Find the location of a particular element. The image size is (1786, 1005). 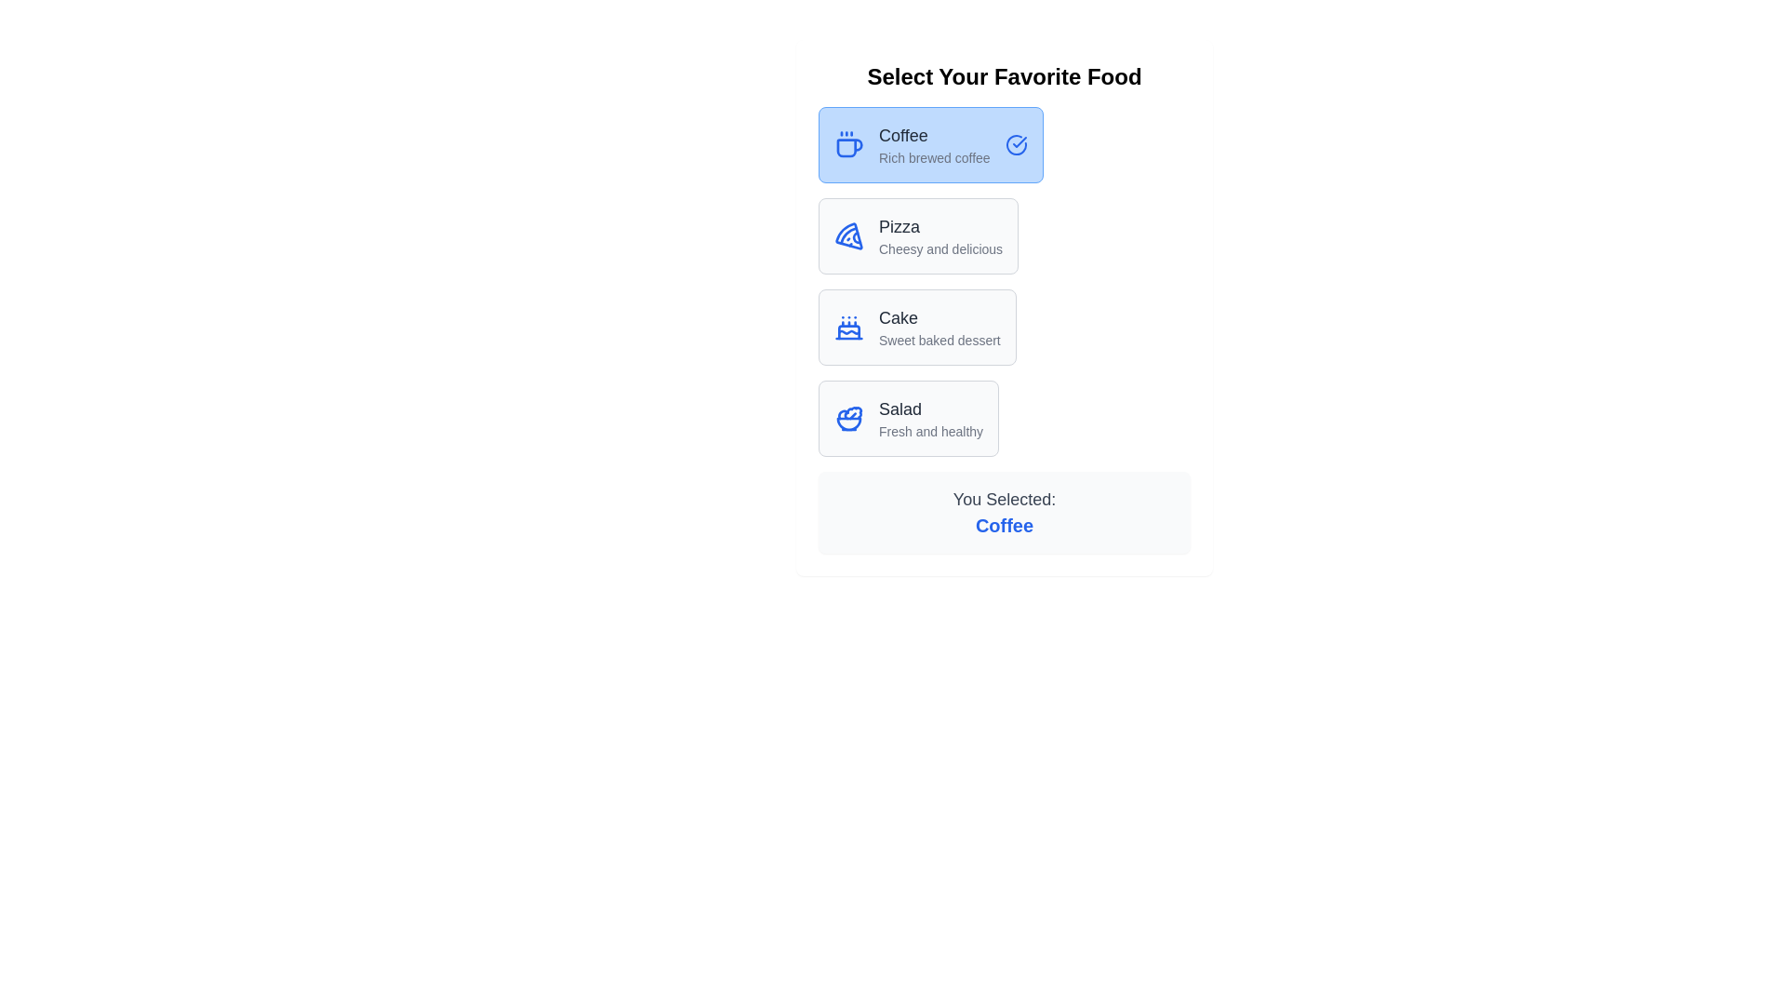

the coffee icon representing the stylized cup within the 'Select Your Favorite Food' interface is located at coordinates (848, 147).